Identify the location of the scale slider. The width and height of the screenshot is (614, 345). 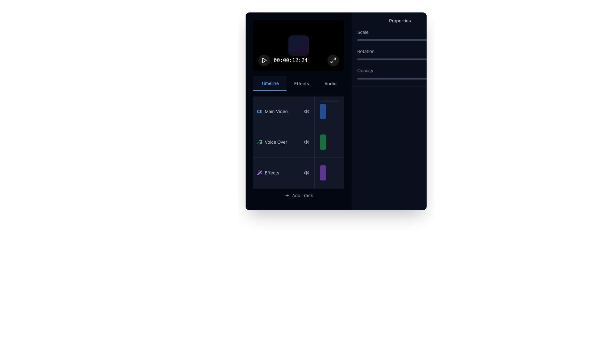
(376, 40).